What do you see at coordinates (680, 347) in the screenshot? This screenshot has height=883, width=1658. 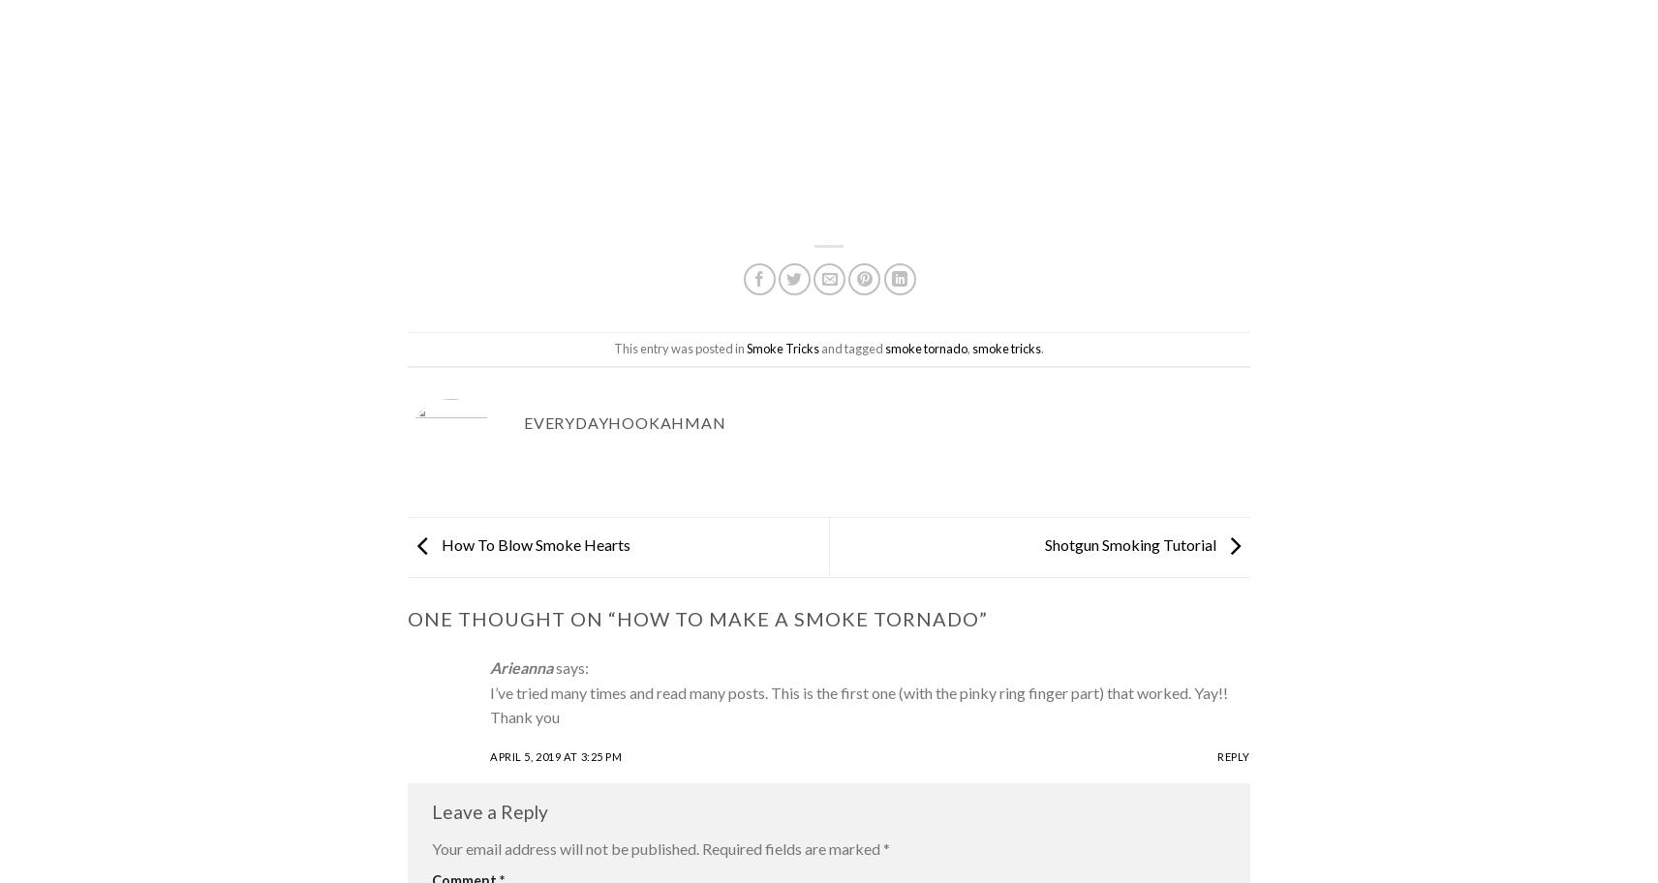 I see `'This entry was posted in'` at bounding box center [680, 347].